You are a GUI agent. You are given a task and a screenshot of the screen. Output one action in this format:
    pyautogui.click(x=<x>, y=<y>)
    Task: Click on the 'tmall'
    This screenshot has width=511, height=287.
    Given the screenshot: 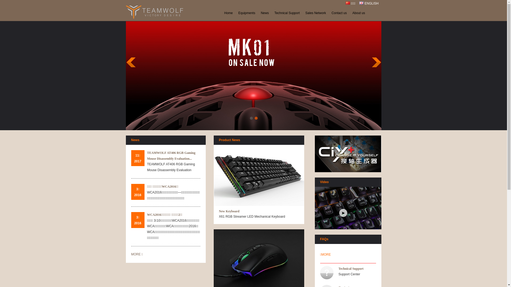 What is the action you would take?
    pyautogui.click(x=348, y=154)
    